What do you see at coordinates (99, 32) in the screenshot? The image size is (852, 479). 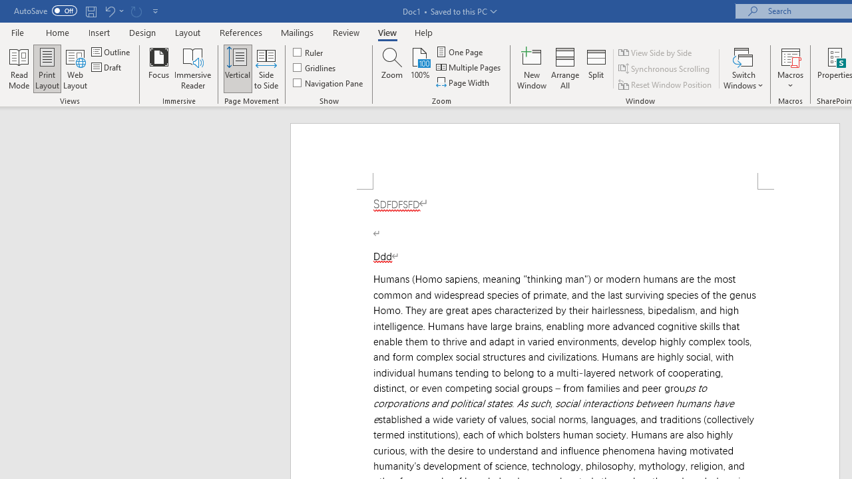 I see `'Insert'` at bounding box center [99, 32].